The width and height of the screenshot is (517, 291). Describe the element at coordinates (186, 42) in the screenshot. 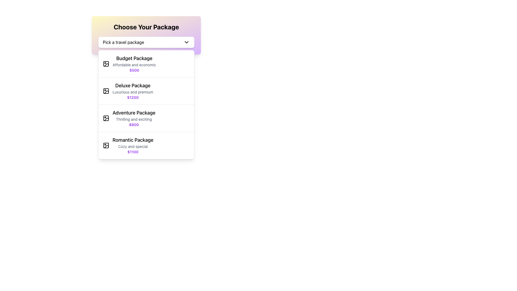

I see `the chevron down icon located at the rightmost end inside the dropdown selection field labeled 'Pick a travel package'` at that location.